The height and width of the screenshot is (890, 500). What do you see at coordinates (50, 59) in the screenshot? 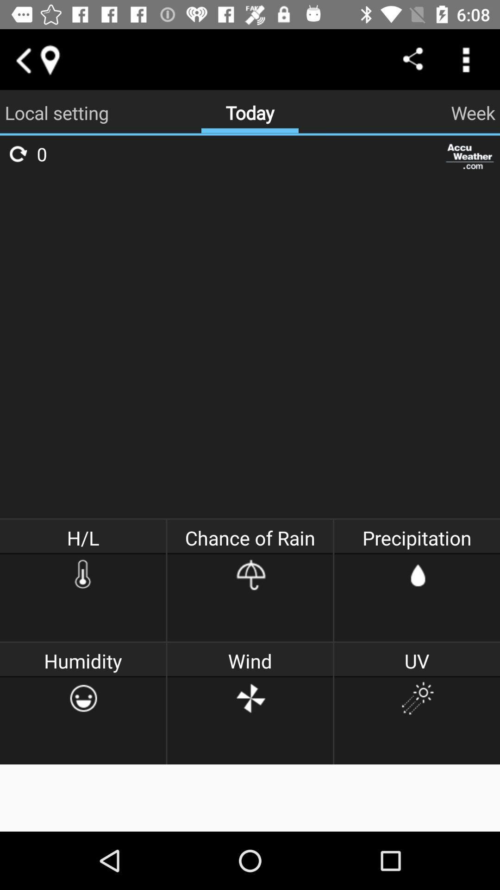
I see `the location icon` at bounding box center [50, 59].